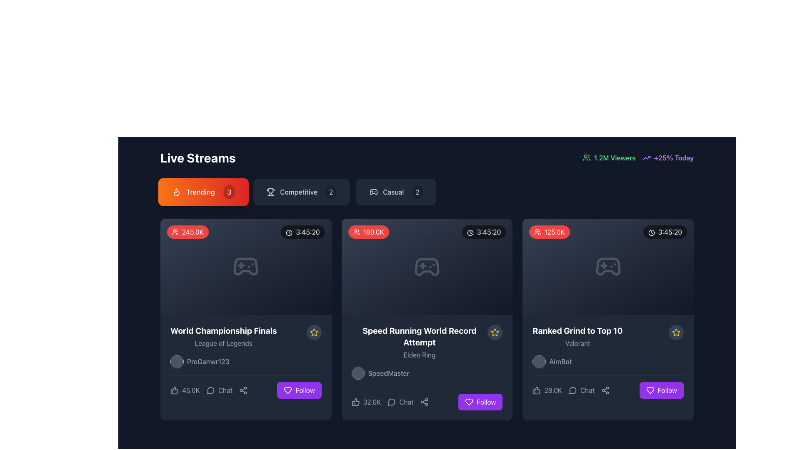  What do you see at coordinates (427, 398) in the screenshot?
I see `the icons in the Composite UI element associated with the 'SpeedMaster' user` at bounding box center [427, 398].